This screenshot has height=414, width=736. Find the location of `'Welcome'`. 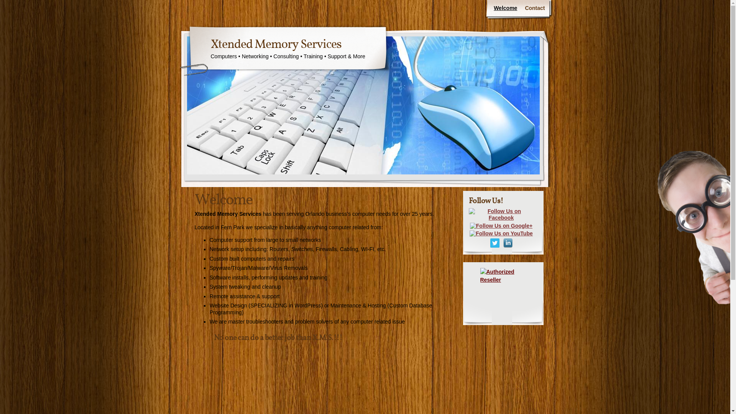

'Welcome' is located at coordinates (489, 8).